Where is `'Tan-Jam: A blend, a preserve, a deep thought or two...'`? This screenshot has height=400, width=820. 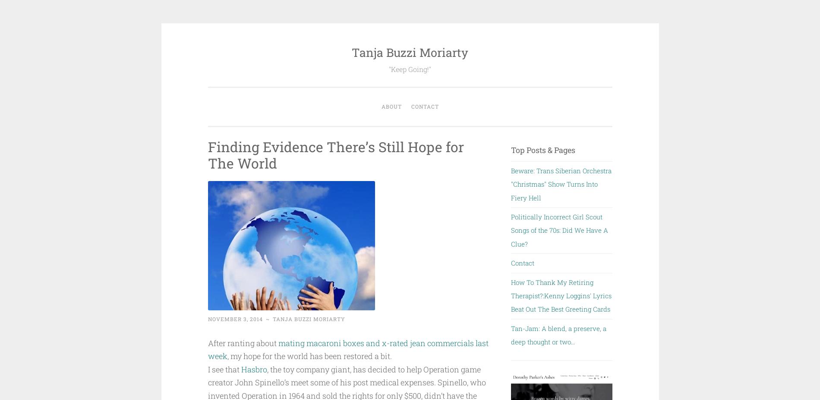 'Tan-Jam: A blend, a preserve, a deep thought or two...' is located at coordinates (558, 334).